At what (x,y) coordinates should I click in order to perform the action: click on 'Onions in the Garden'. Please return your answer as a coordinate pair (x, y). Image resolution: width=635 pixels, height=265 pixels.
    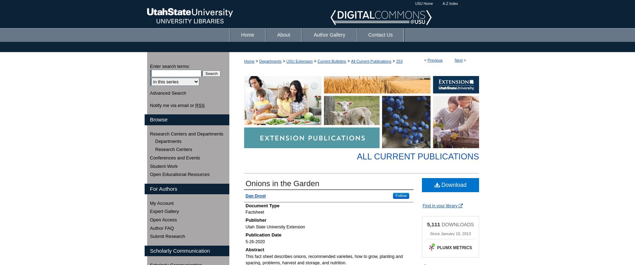
    Looking at the image, I should click on (245, 183).